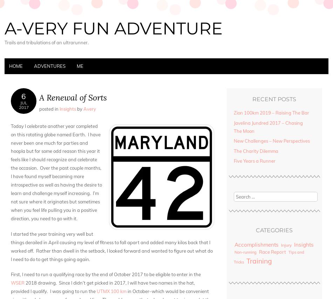 The height and width of the screenshot is (299, 333). I want to click on 'Non-running', so click(245, 252).